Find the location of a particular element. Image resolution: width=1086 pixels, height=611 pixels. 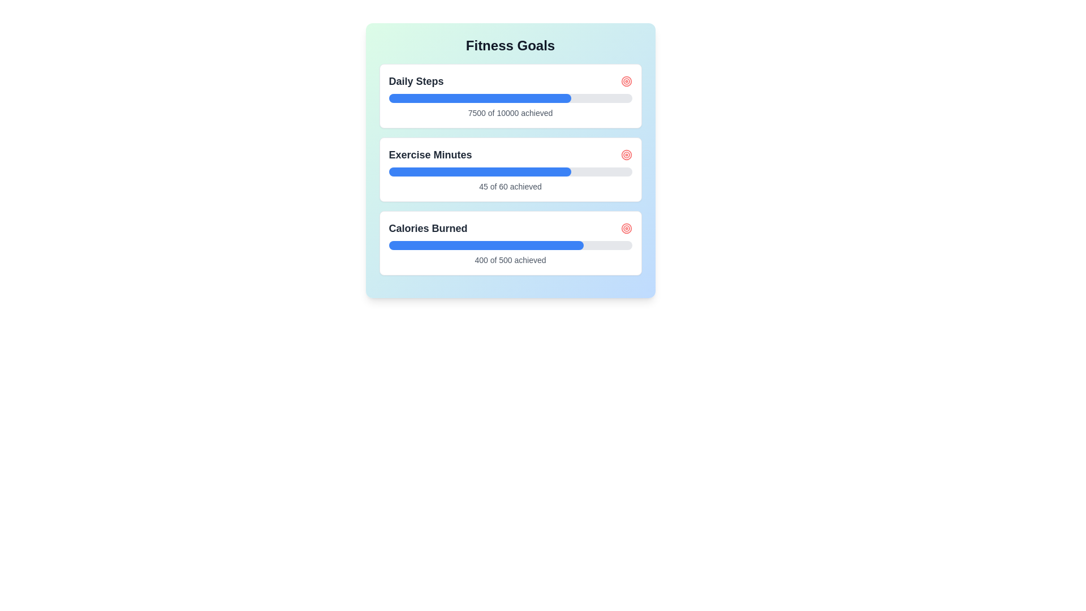

the progress bar status of the 'Daily Steps' progress card located at the top of the 'Fitness Goals' section is located at coordinates (510, 95).